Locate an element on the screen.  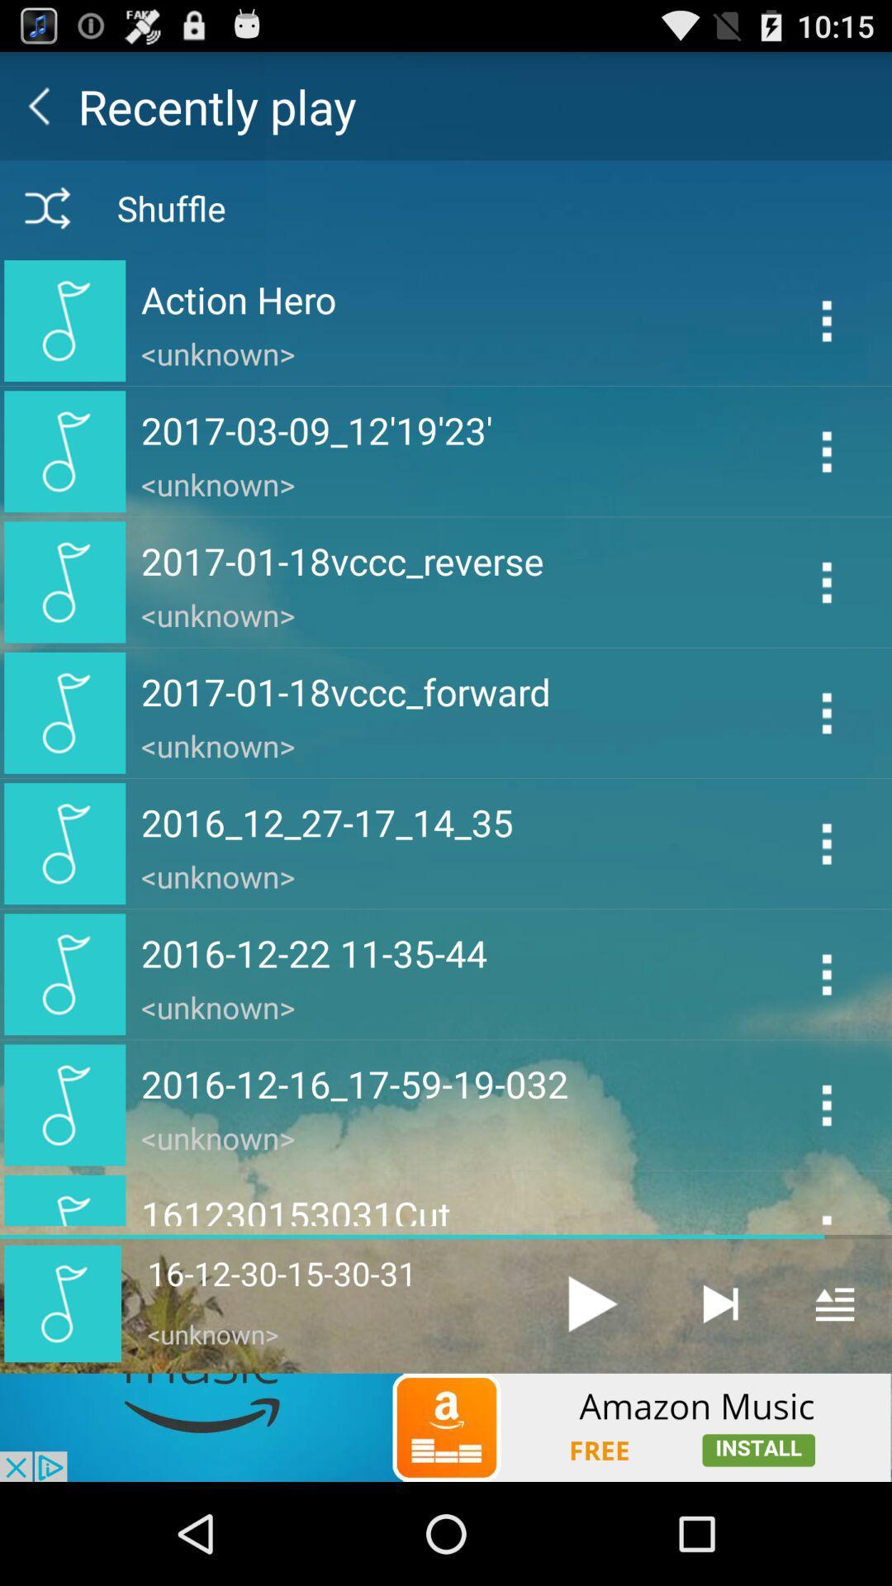
the menu icon is located at coordinates (834, 1394).